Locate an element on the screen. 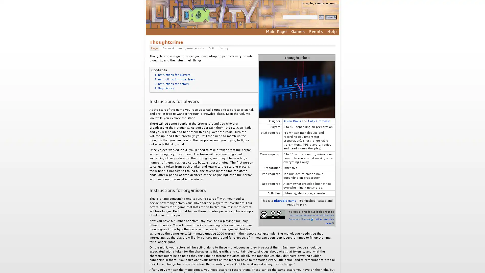 The image size is (485, 273). Search is located at coordinates (331, 17).